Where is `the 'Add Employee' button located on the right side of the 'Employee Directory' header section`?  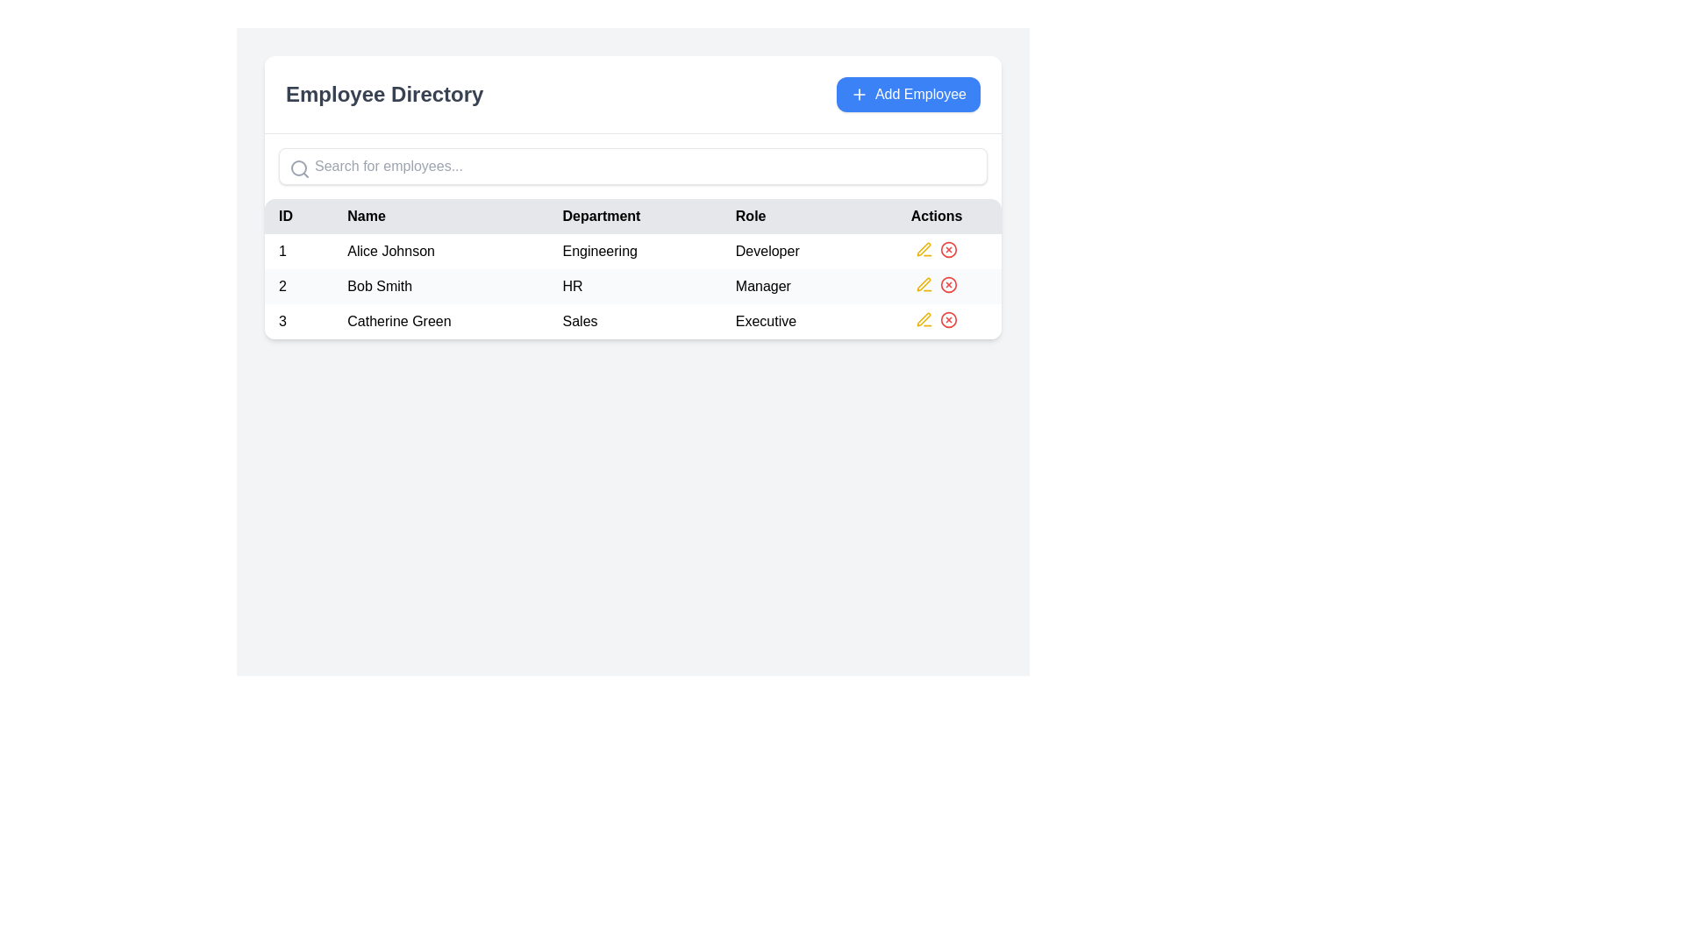 the 'Add Employee' button located on the right side of the 'Employee Directory' header section is located at coordinates (909, 95).